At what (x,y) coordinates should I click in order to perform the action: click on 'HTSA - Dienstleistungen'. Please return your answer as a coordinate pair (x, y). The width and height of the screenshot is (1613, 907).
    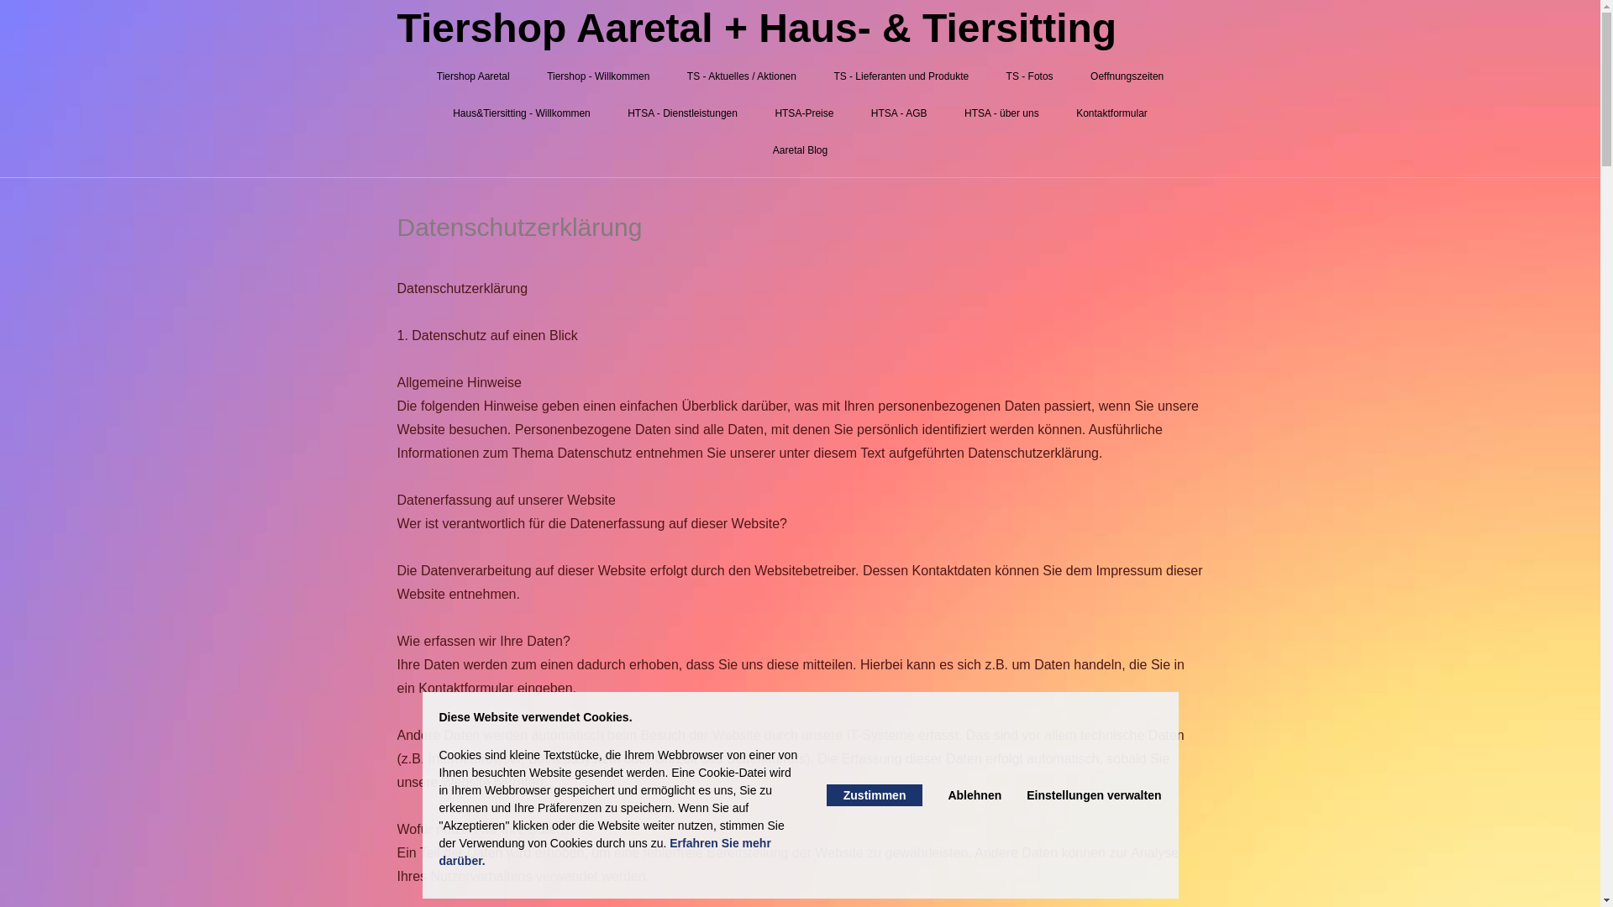
    Looking at the image, I should click on (682, 113).